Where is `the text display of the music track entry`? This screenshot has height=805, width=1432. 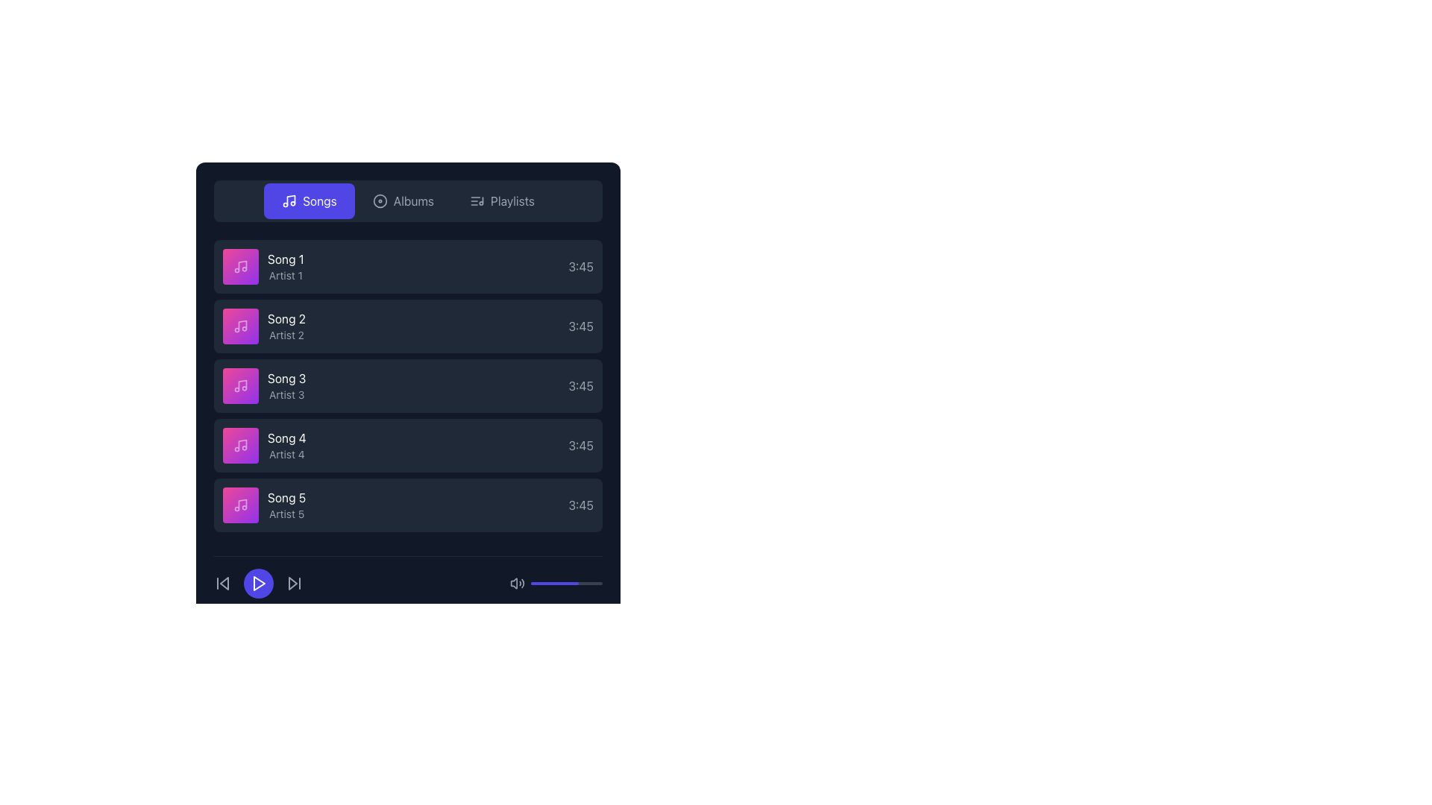
the text display of the music track entry is located at coordinates (286, 266).